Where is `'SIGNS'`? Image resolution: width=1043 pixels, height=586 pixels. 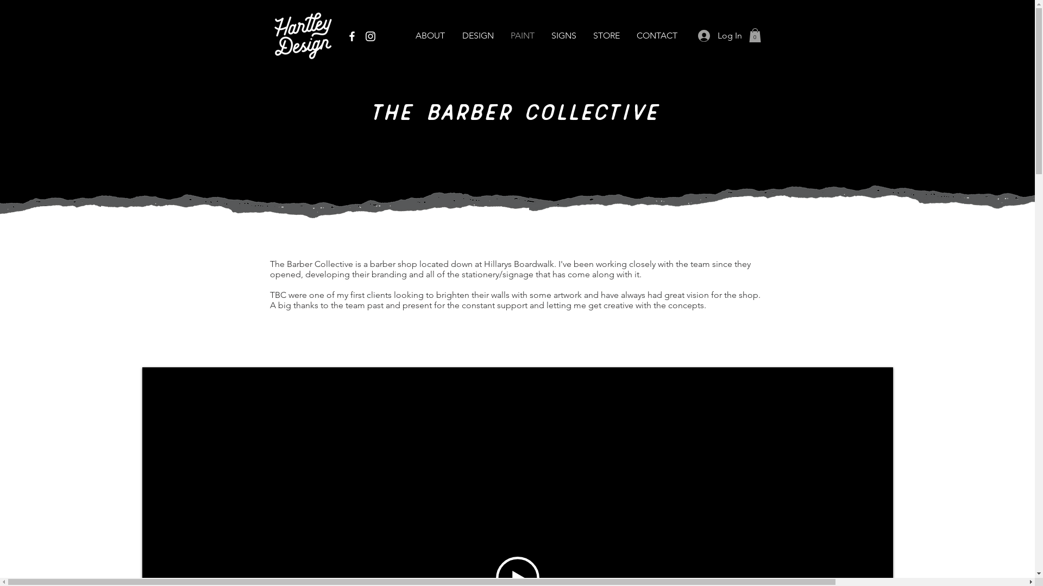 'SIGNS' is located at coordinates (564, 35).